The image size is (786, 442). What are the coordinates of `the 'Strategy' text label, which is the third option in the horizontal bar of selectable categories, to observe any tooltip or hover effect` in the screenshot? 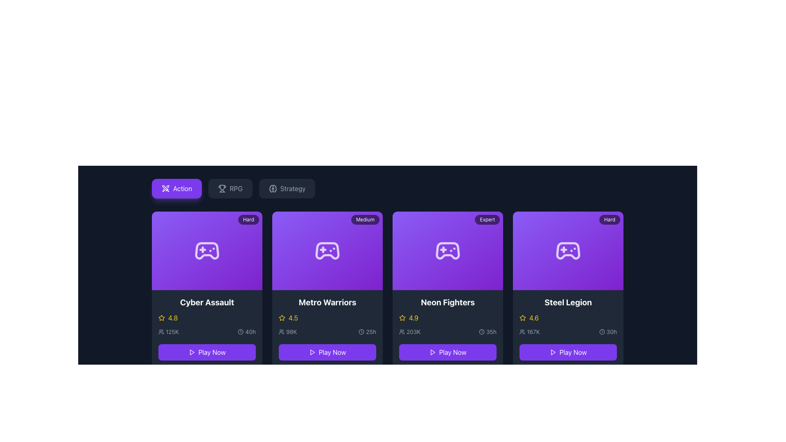 It's located at (293, 189).